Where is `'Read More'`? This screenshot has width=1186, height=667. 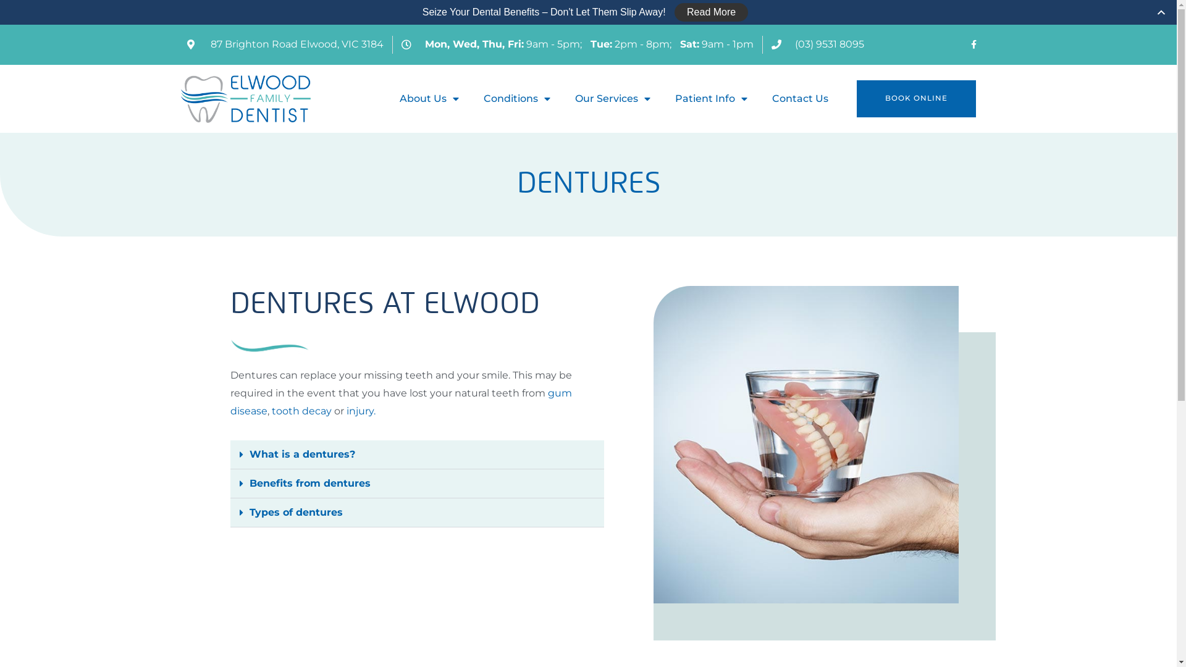
'Read More' is located at coordinates (673, 12).